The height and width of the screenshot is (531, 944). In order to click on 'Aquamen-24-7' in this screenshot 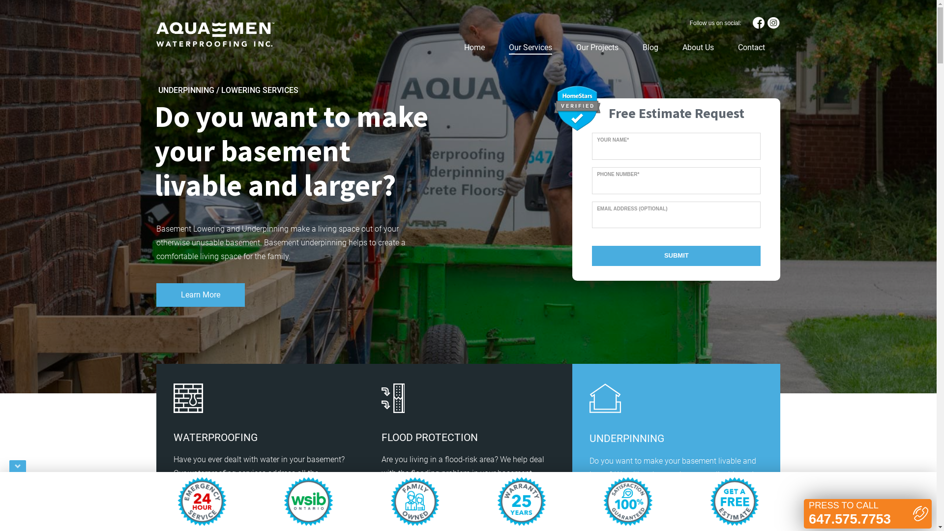, I will do `click(202, 501)`.